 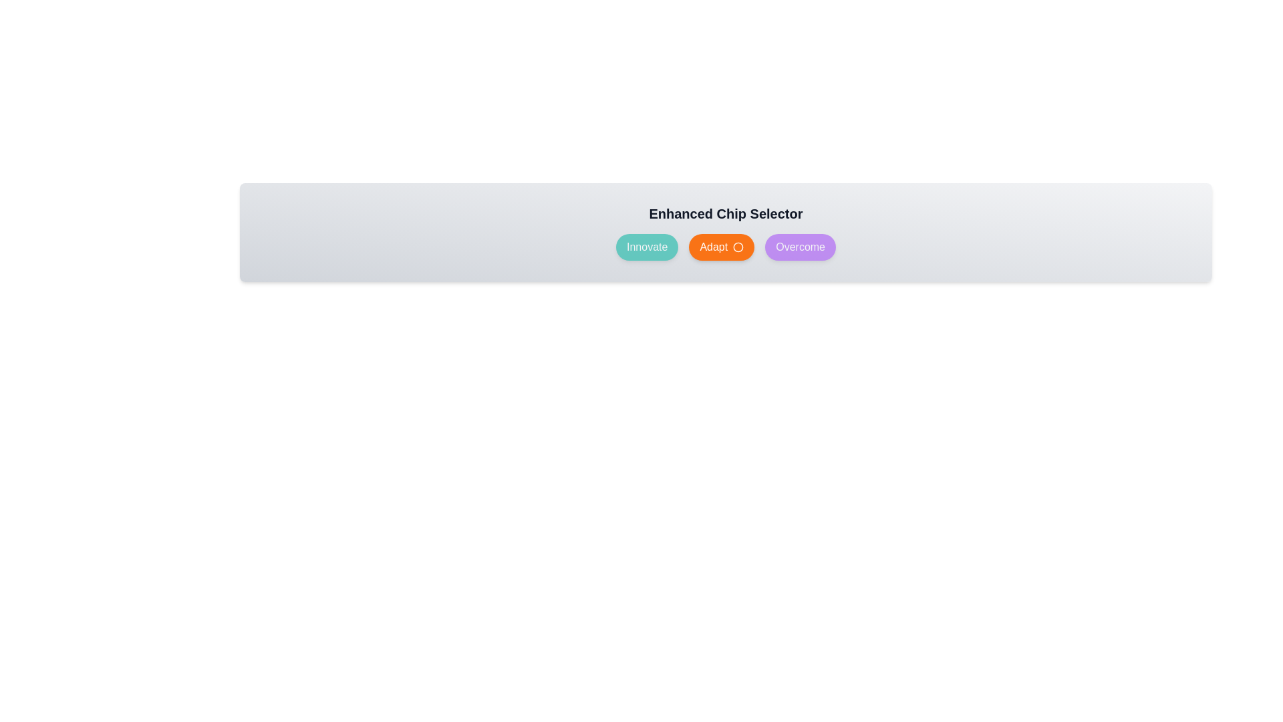 I want to click on the chip labeled Innovate, so click(x=647, y=247).